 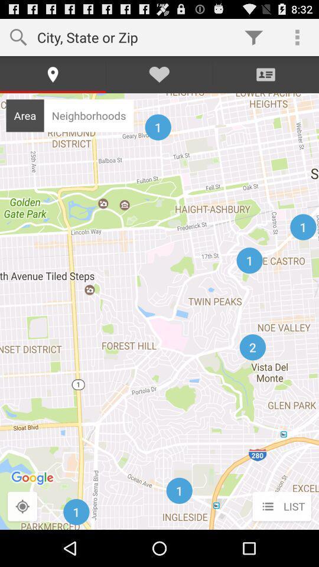 What do you see at coordinates (22, 506) in the screenshot?
I see `the icon to the left of the list icon` at bounding box center [22, 506].